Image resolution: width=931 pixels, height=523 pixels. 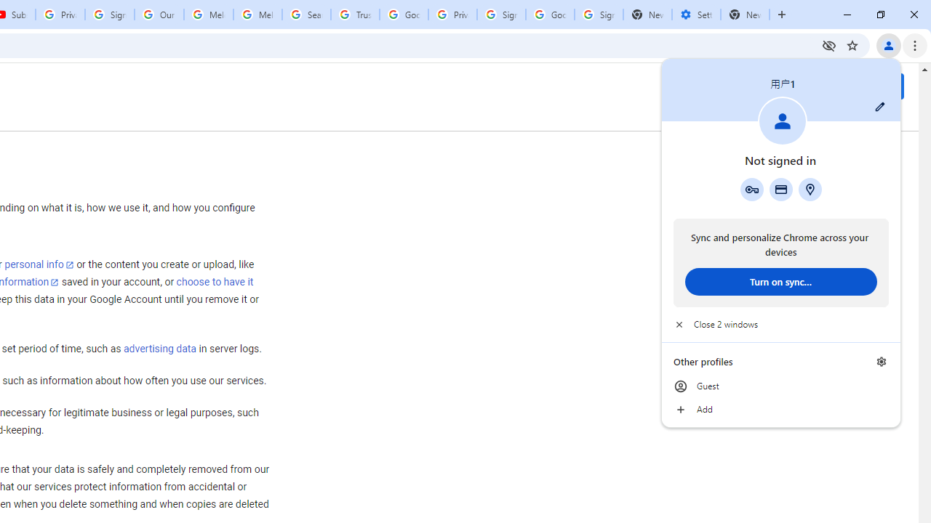 What do you see at coordinates (159, 349) in the screenshot?
I see `'advertising data'` at bounding box center [159, 349].